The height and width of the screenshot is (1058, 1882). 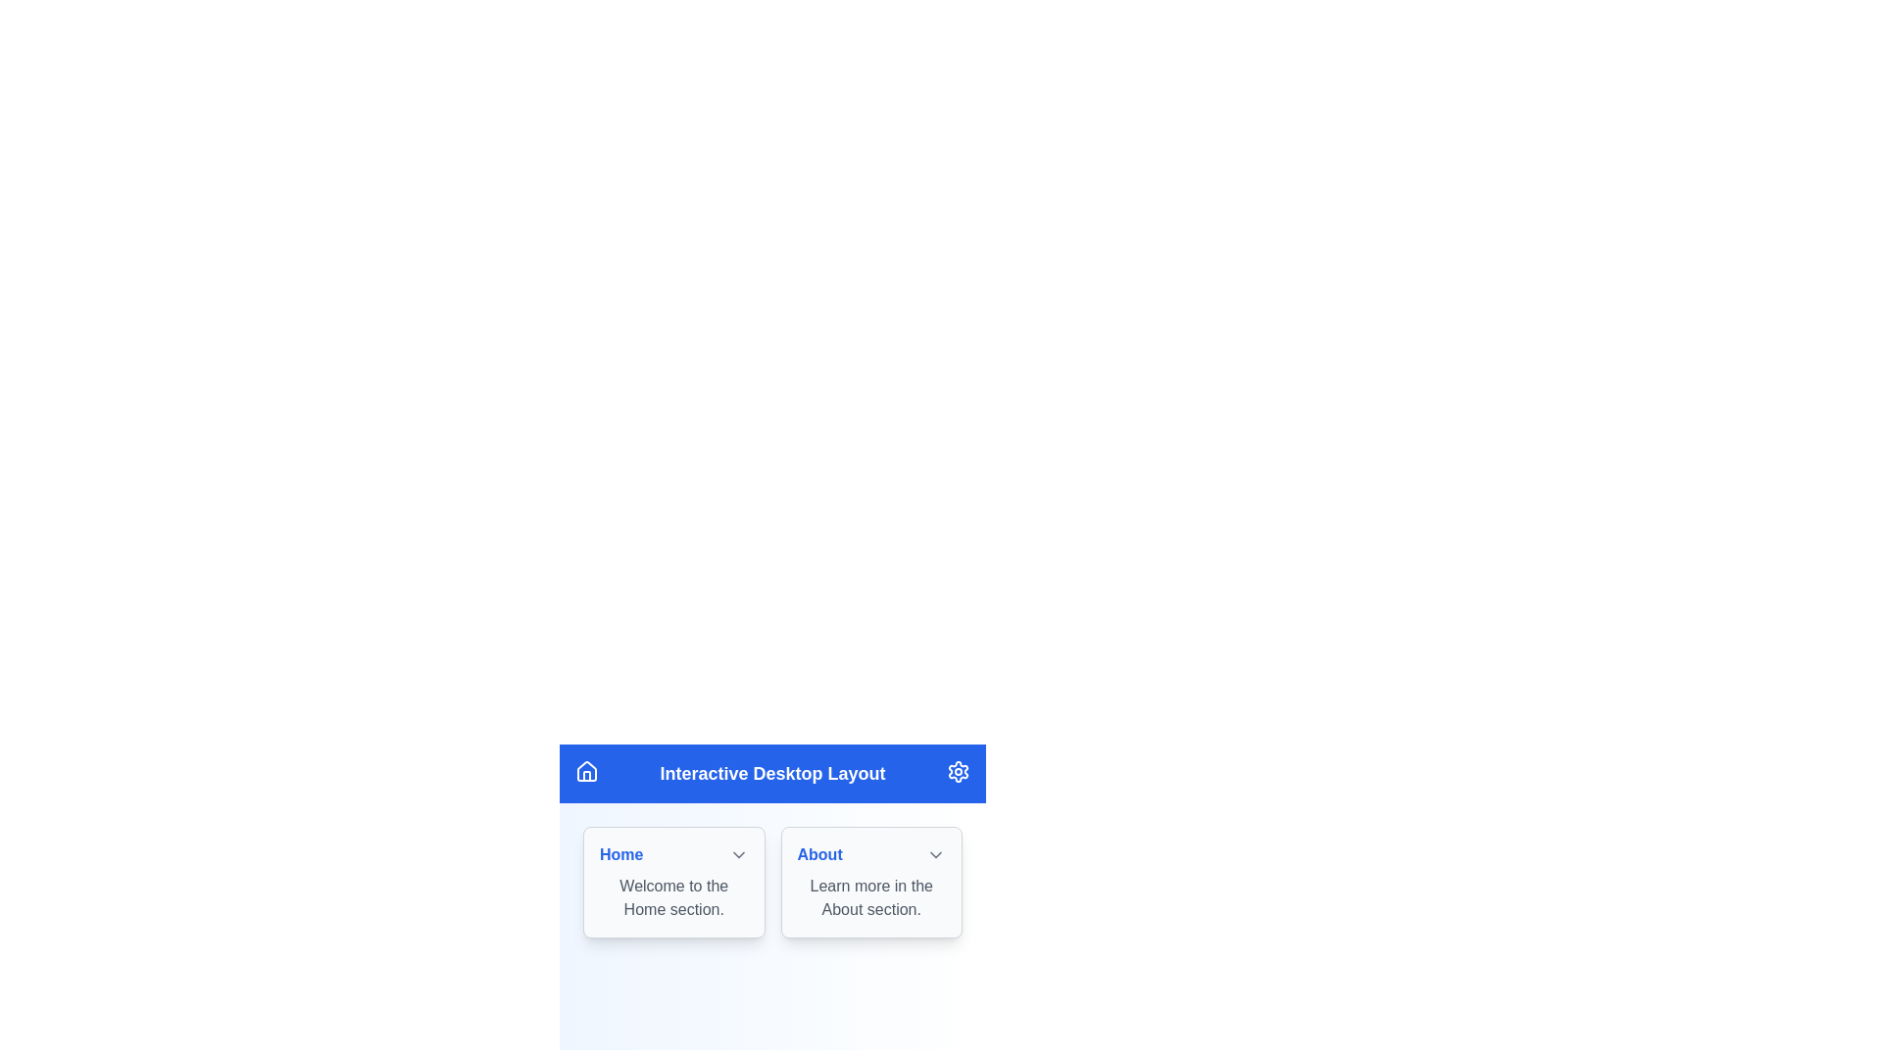 What do you see at coordinates (819, 853) in the screenshot?
I see `the text label located in the top-right section of the second card, which serves as a section header or link for the 'About' section` at bounding box center [819, 853].